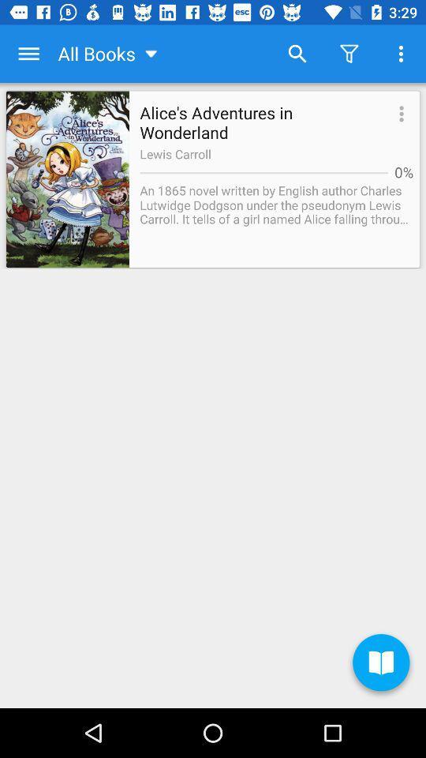  Describe the element at coordinates (380, 664) in the screenshot. I see `the app below an 1865 novel` at that location.